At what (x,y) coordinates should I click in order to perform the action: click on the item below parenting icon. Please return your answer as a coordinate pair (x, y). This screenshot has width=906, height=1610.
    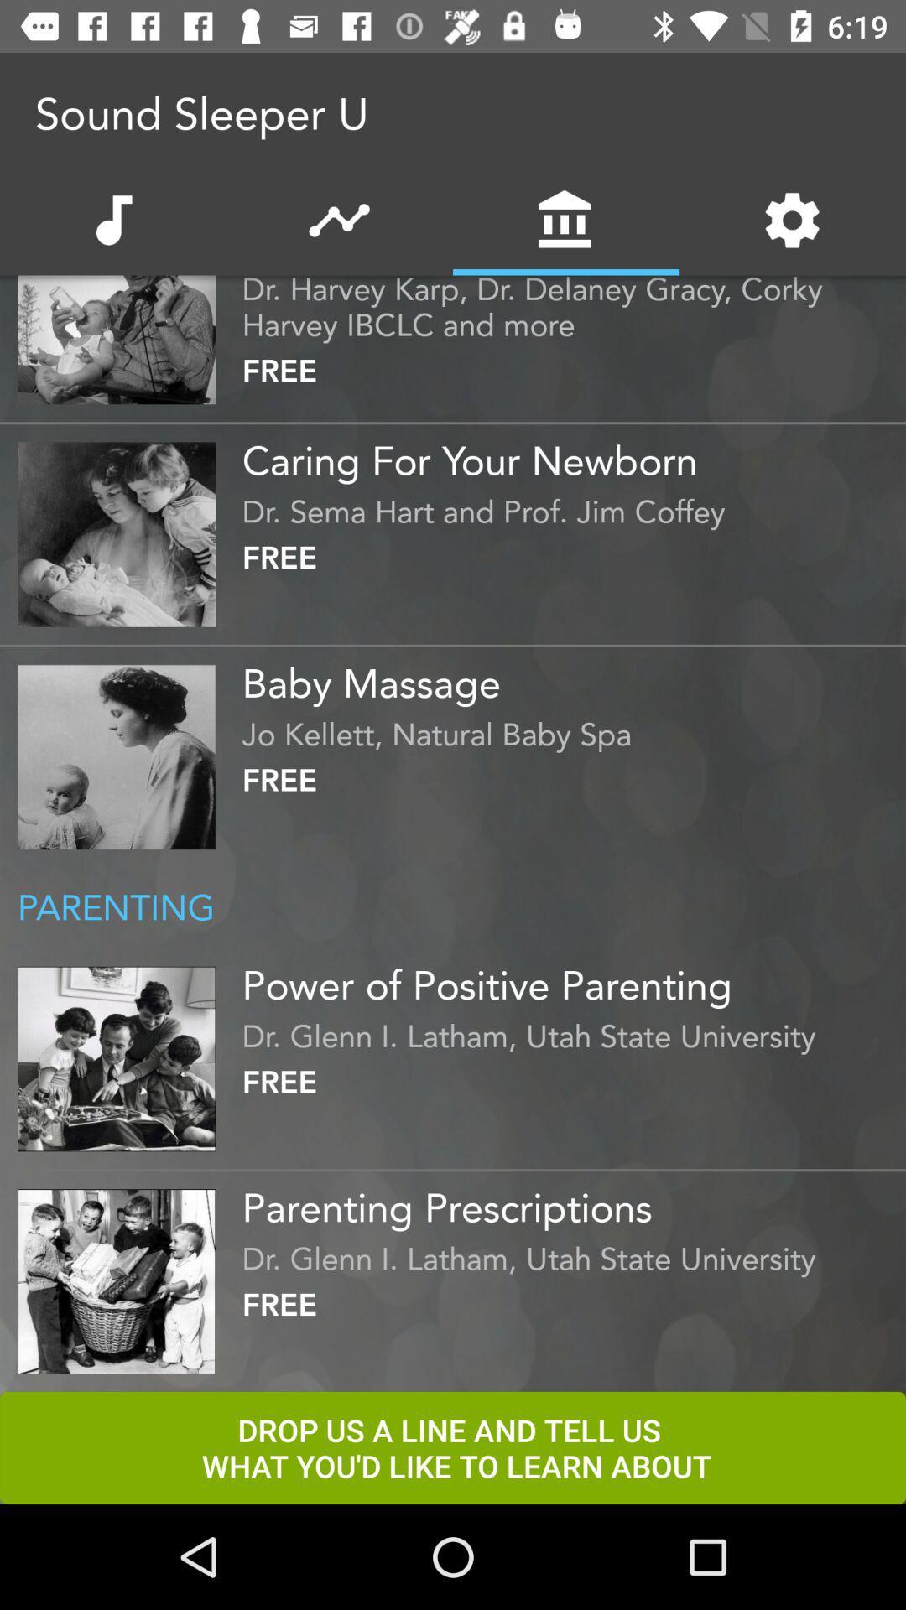
    Looking at the image, I should click on (569, 979).